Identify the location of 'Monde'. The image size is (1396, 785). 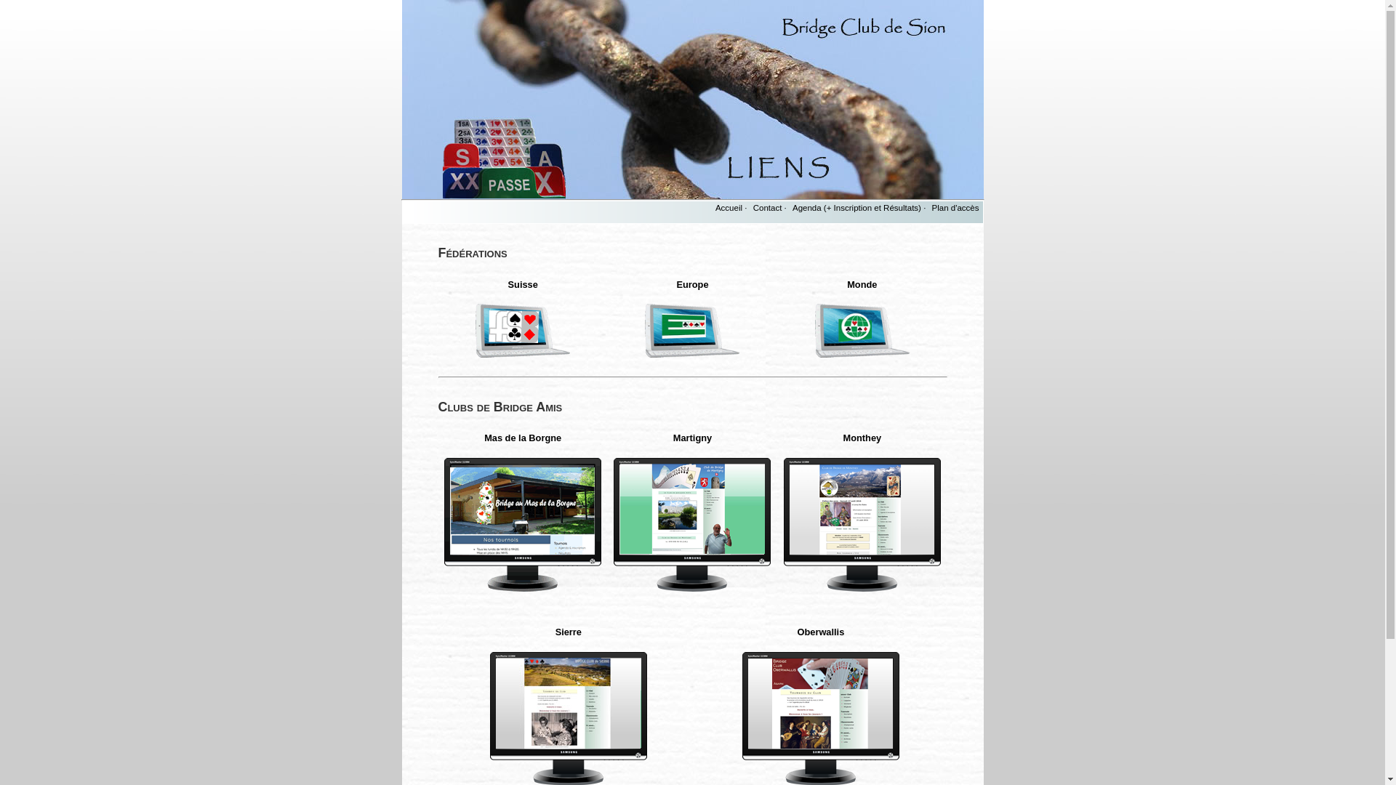
(847, 284).